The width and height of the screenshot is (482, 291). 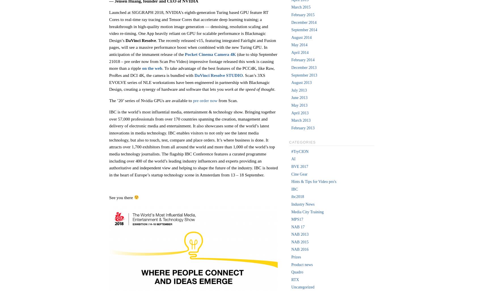 What do you see at coordinates (291, 128) in the screenshot?
I see `'February 2013'` at bounding box center [291, 128].